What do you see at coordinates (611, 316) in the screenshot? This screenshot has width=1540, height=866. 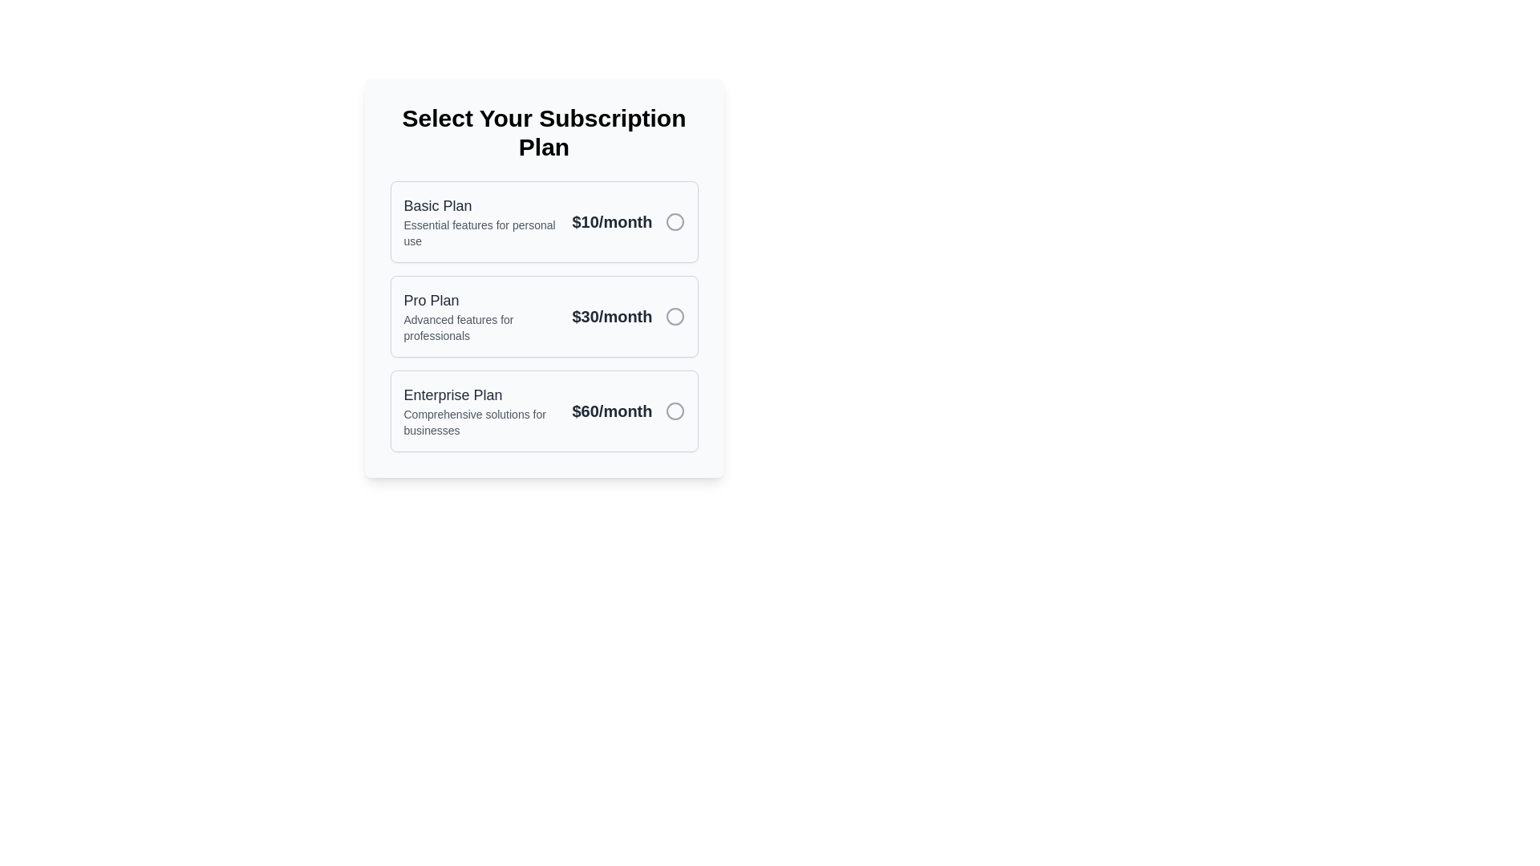 I see `the text label displaying '$30/month', which is prominently styled in gray and located on the Pro Plan's information card, next to the radio button` at bounding box center [611, 316].